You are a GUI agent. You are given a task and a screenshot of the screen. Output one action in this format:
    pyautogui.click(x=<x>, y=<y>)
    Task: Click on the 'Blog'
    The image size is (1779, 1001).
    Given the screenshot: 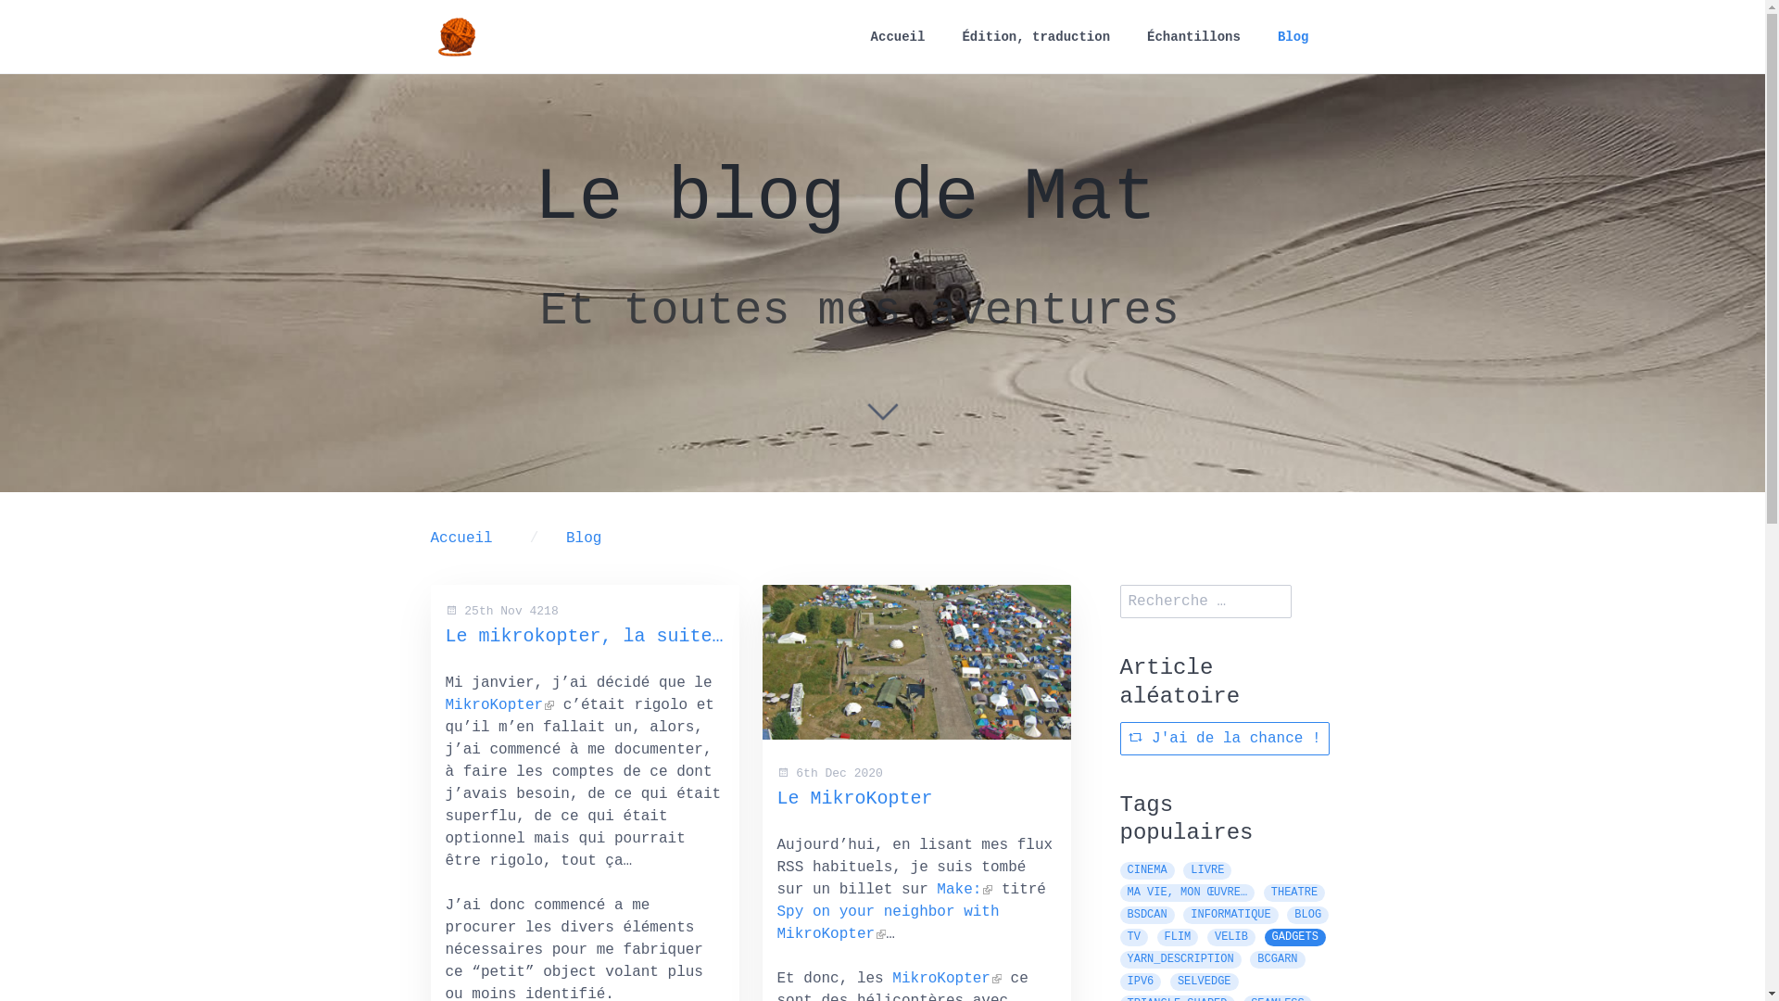 What is the action you would take?
    pyautogui.click(x=1293, y=36)
    